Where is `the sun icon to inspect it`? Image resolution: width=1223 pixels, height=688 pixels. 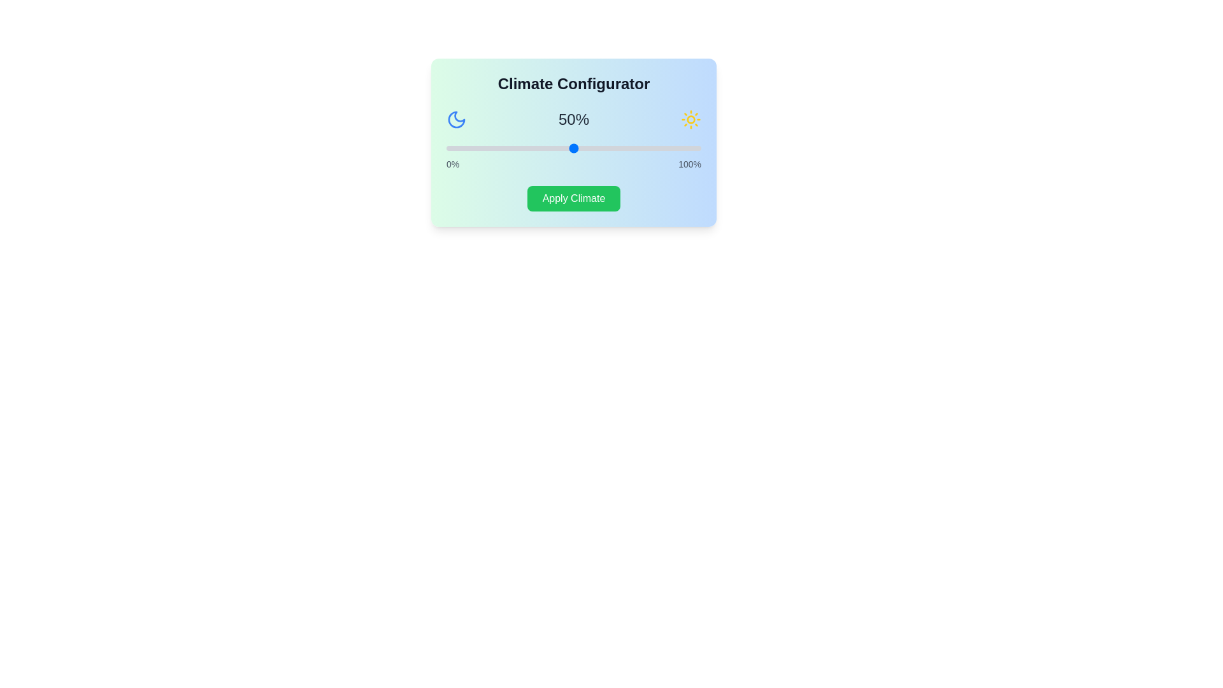
the sun icon to inspect it is located at coordinates (690, 120).